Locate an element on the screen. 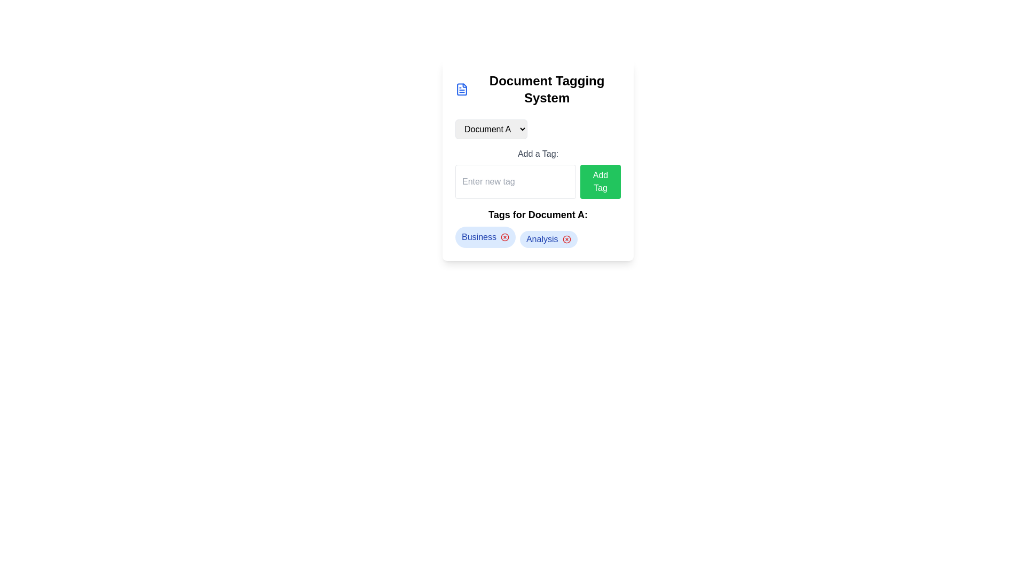 Image resolution: width=1025 pixels, height=576 pixels. the 'Document Tagging System' text heading for accessibility tools is located at coordinates (538, 89).